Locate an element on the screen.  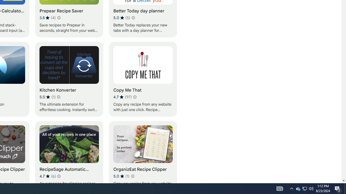
'Average rating 4.7 out of 5 stars. 6 ratings.' is located at coordinates (48, 176).